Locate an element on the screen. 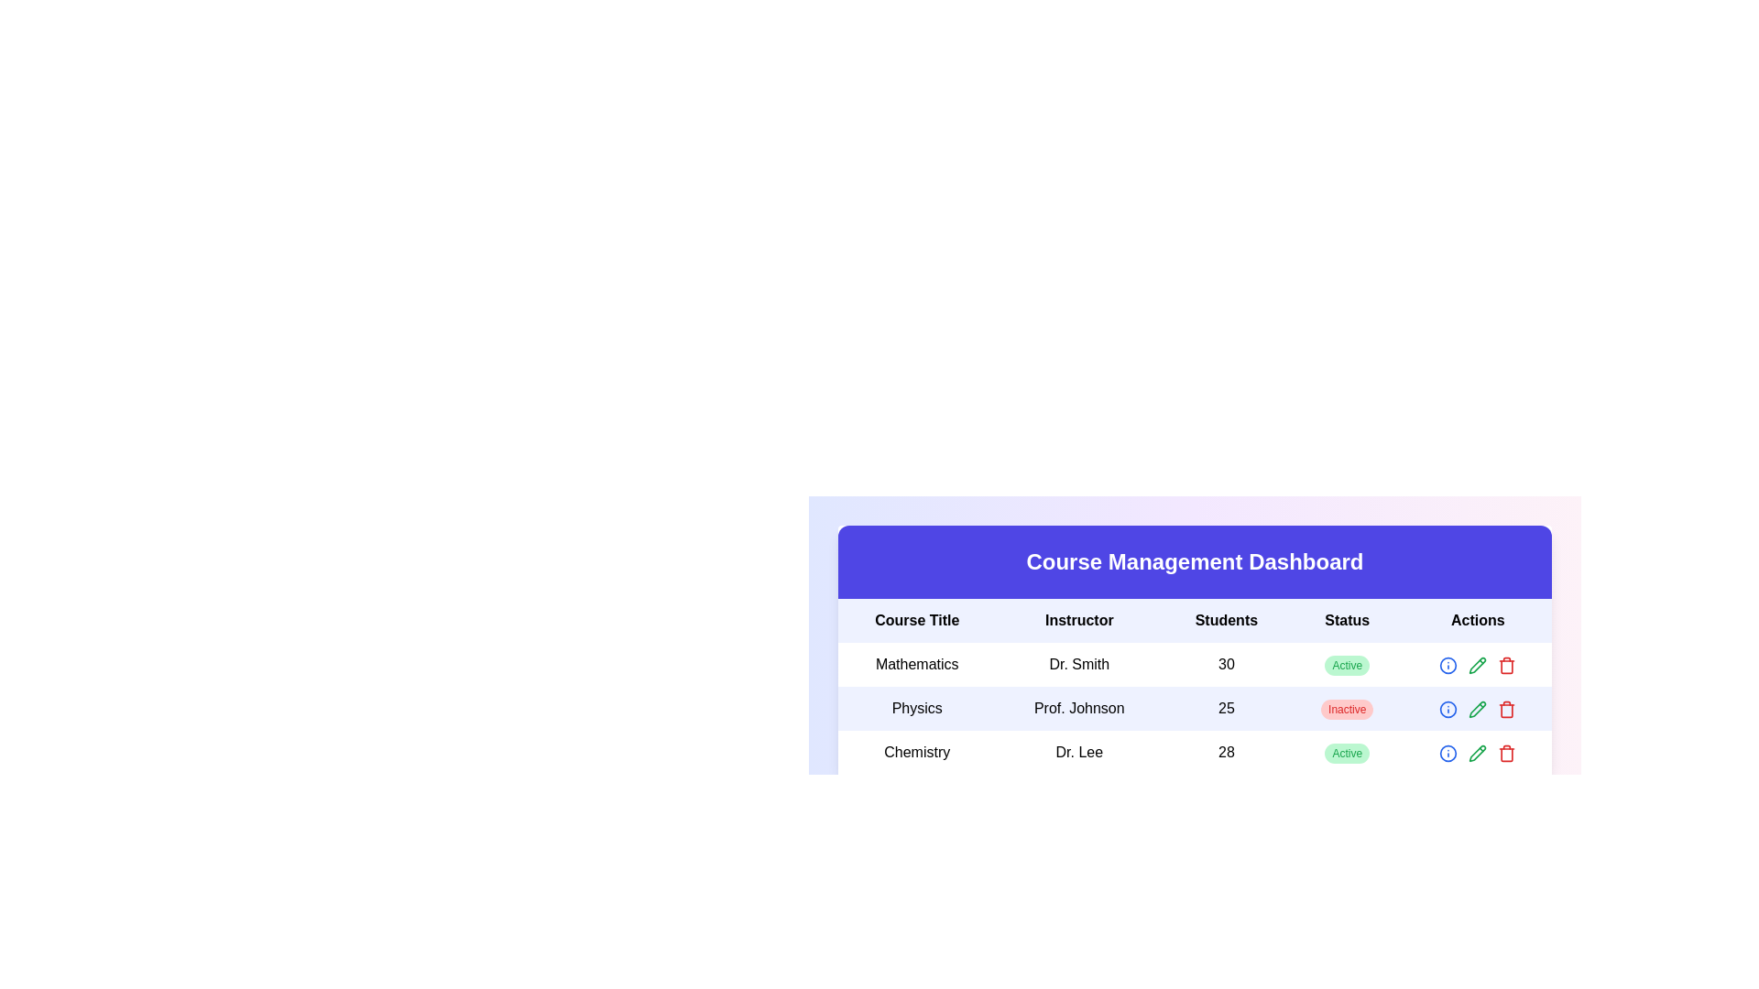 Image resolution: width=1759 pixels, height=989 pixels. the pencil icon in the actions section of the first row is located at coordinates (1478, 664).